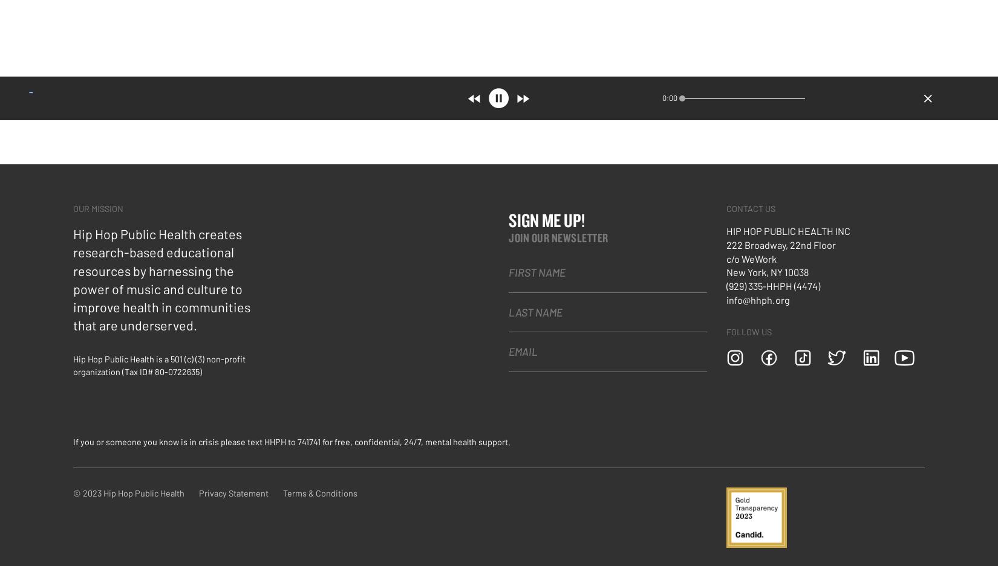 The image size is (998, 566). Describe the element at coordinates (726, 285) in the screenshot. I see `'(929) 335-HHPH (4474)'` at that location.